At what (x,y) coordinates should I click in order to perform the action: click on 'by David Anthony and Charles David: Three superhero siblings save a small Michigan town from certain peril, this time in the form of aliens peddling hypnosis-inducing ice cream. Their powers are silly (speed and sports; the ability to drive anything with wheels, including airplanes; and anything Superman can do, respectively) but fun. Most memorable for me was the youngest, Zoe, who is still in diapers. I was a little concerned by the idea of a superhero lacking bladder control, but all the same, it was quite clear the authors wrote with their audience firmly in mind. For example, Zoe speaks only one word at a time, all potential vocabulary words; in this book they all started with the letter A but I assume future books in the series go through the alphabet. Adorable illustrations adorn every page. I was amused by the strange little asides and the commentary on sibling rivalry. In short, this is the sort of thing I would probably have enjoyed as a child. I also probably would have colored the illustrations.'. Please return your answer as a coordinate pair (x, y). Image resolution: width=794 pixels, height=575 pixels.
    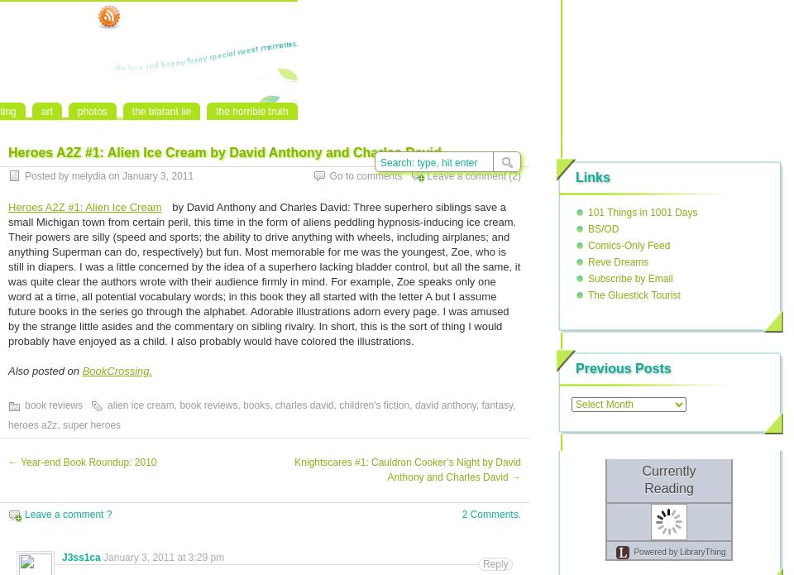
    Looking at the image, I should click on (264, 274).